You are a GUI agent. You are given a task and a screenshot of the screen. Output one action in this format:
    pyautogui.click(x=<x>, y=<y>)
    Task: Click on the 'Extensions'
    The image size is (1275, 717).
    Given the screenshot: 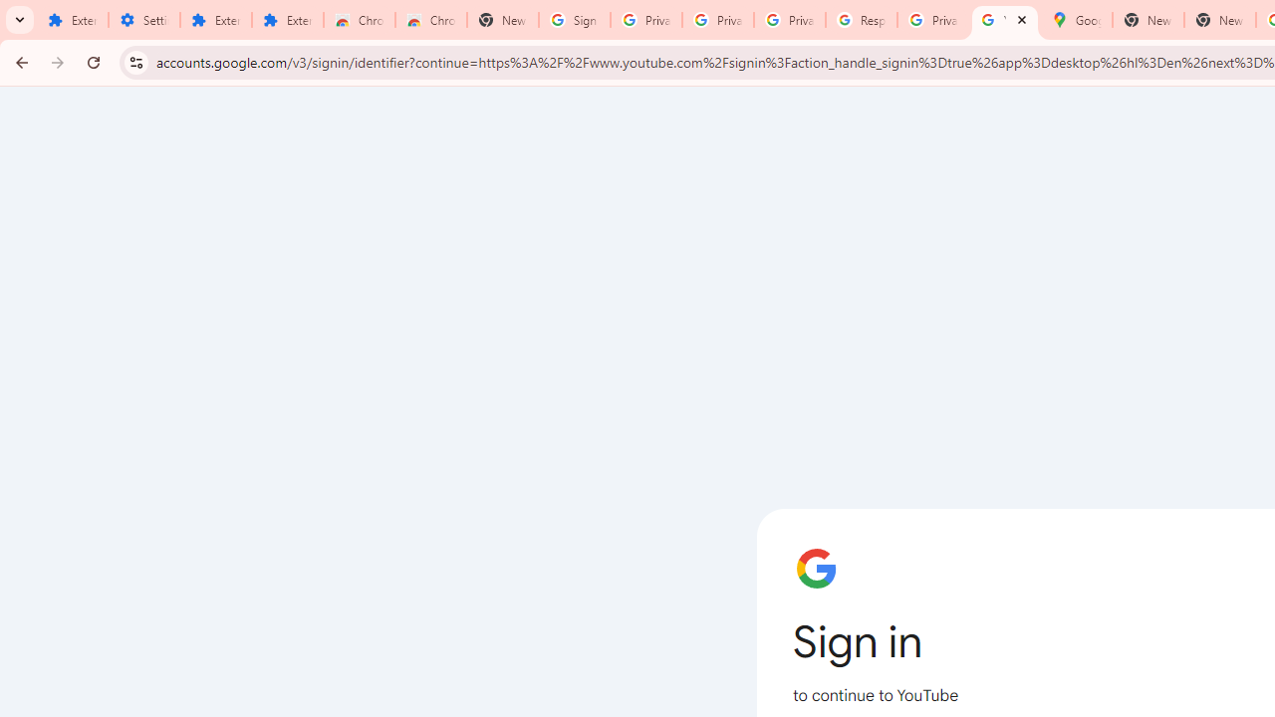 What is the action you would take?
    pyautogui.click(x=287, y=20)
    